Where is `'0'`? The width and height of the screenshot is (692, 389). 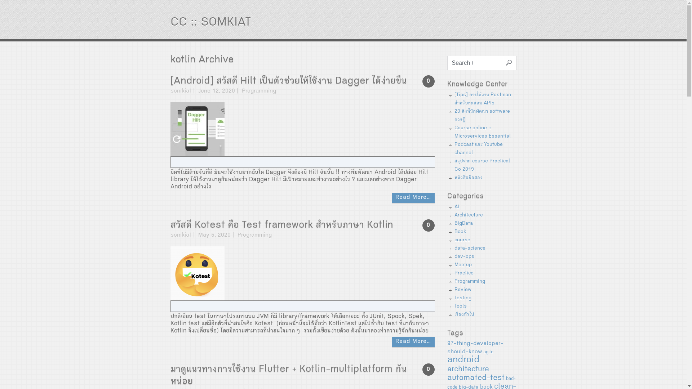
'0' is located at coordinates (429, 81).